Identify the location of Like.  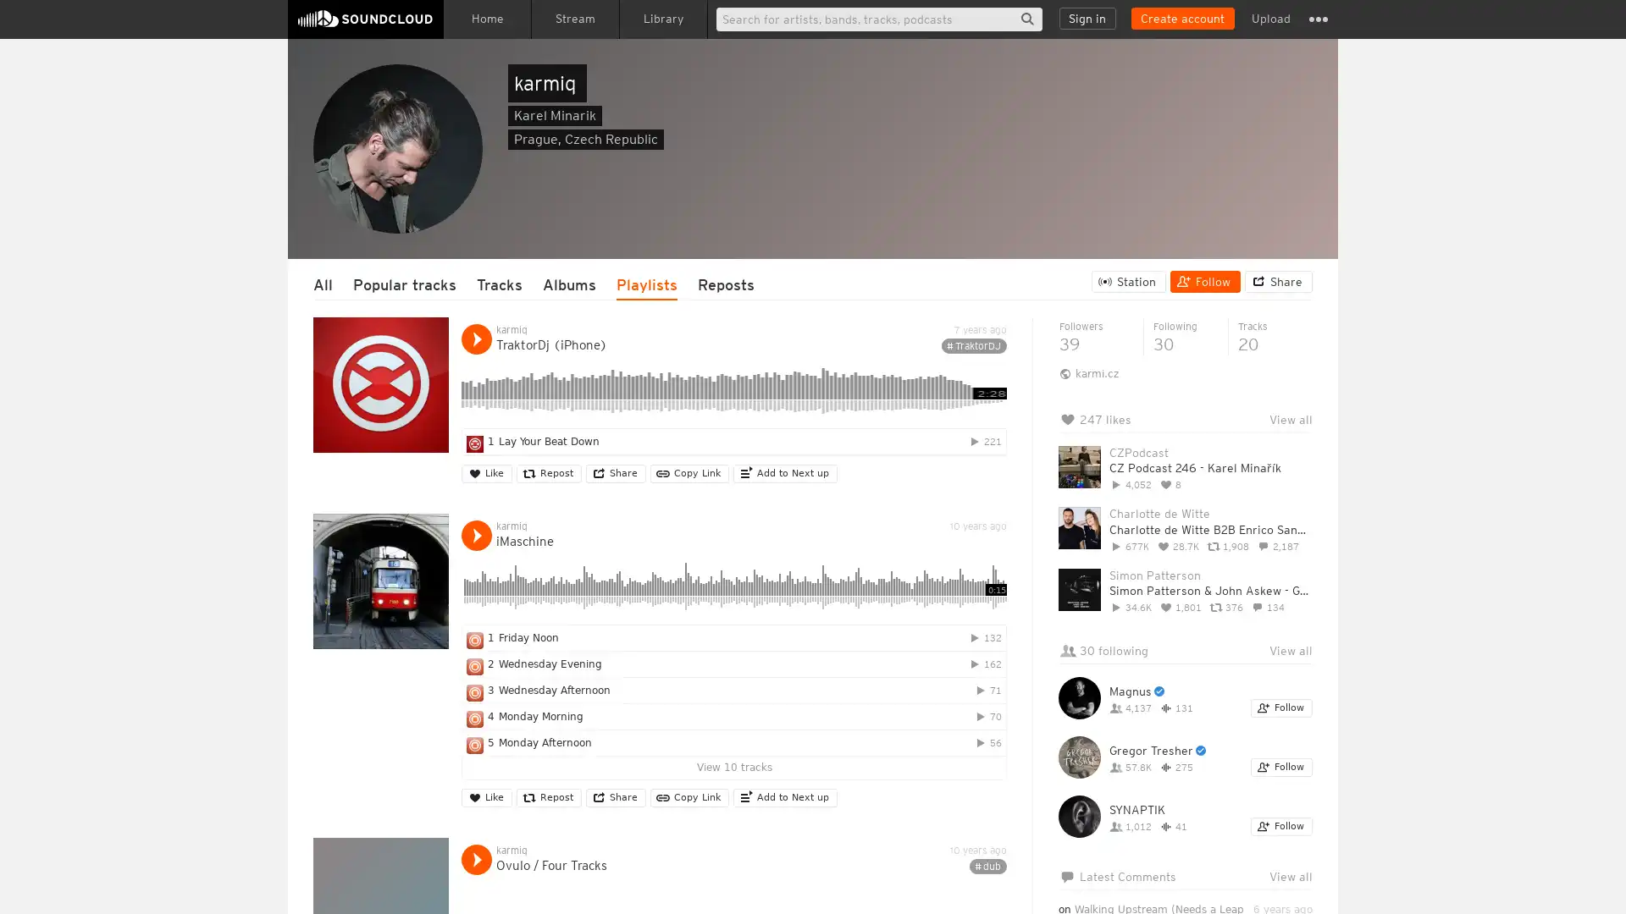
(486, 473).